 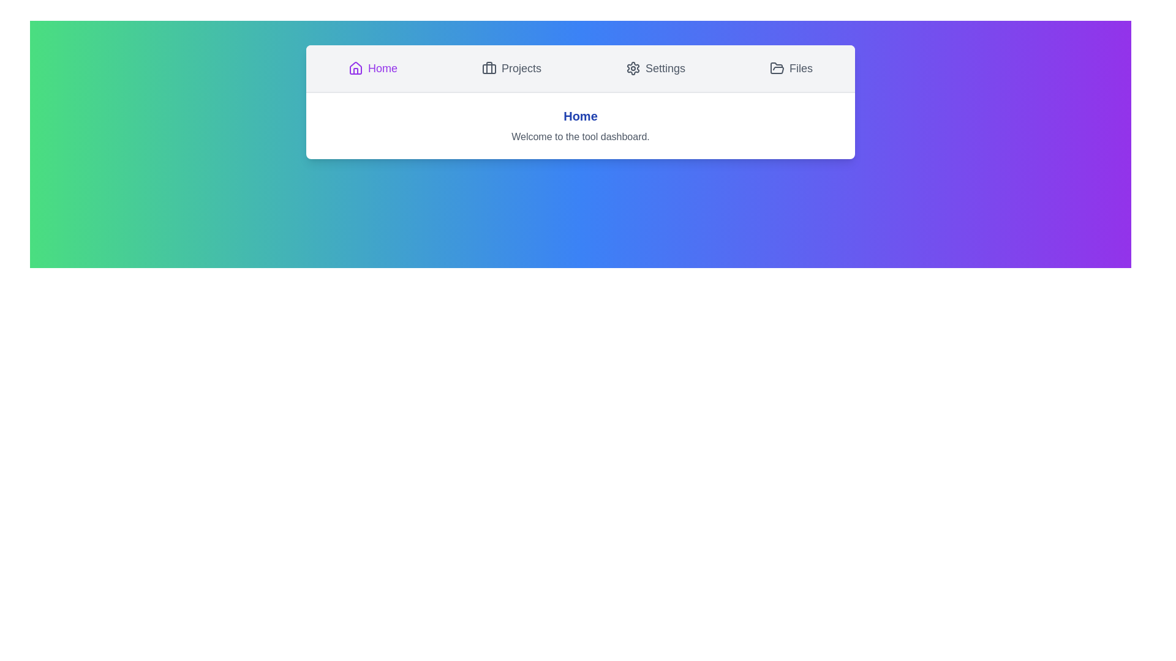 What do you see at coordinates (655, 68) in the screenshot?
I see `the Settings tab by clicking its button in the navigation bar` at bounding box center [655, 68].